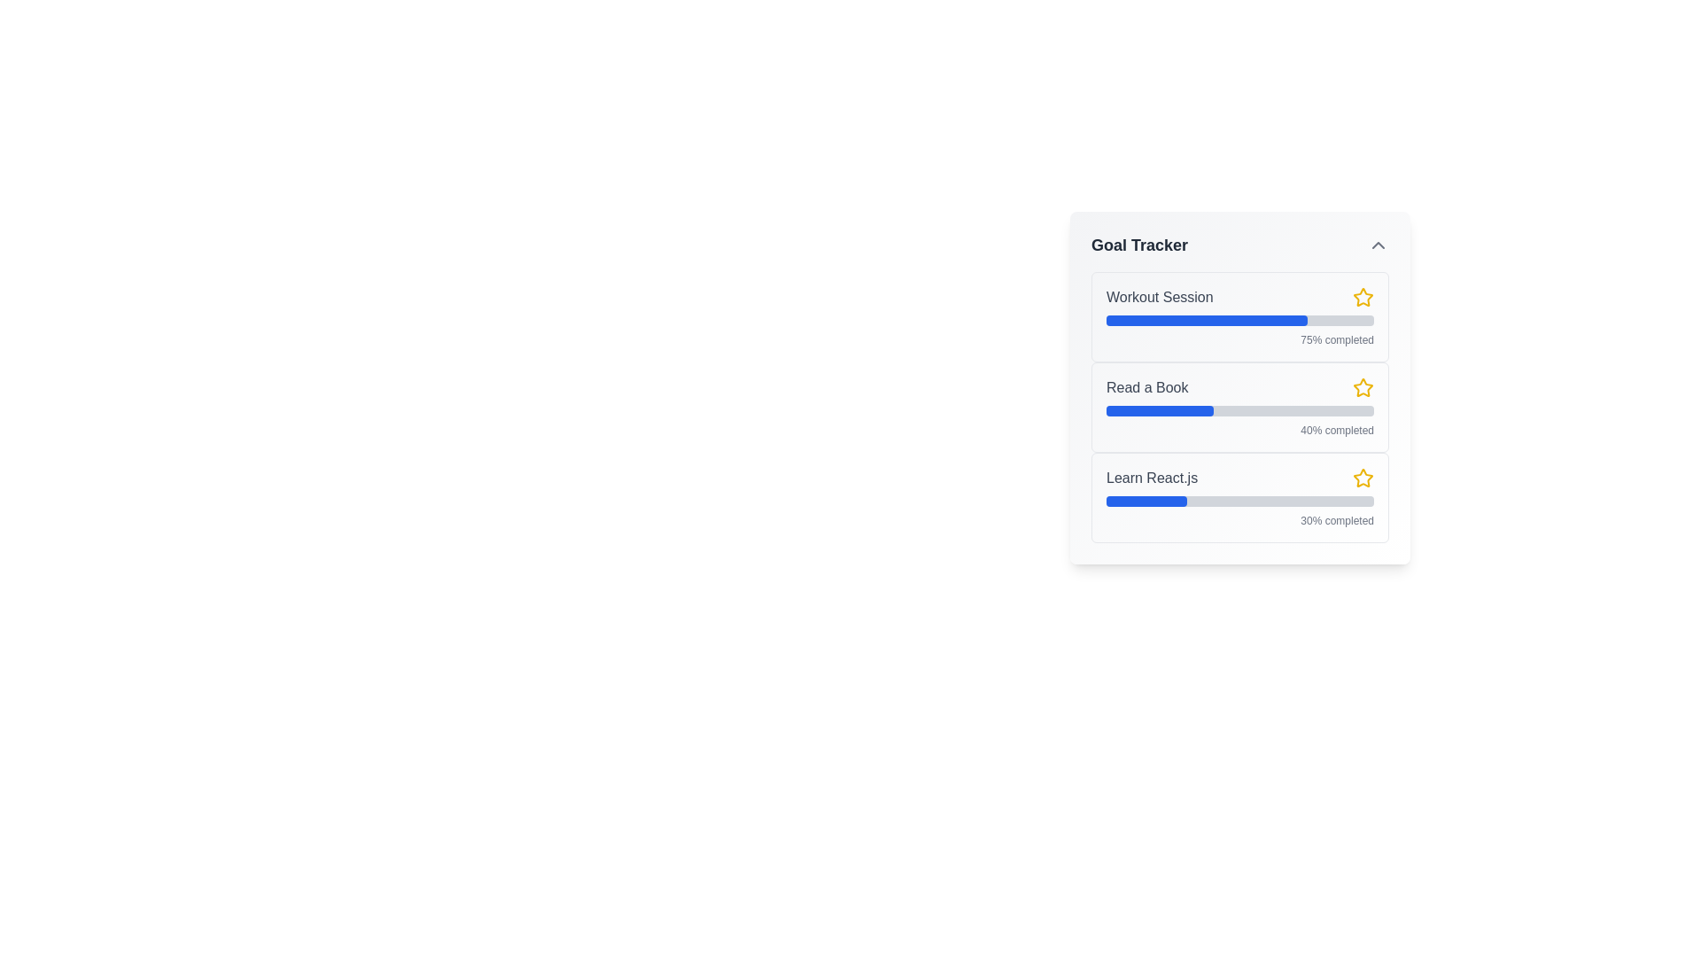 The image size is (1701, 957). I want to click on the Progress Indicator (Filled Segment) that visually represents the completion progress of the 'Workout Session' task within the Goal Tracker interface, so click(1206, 321).